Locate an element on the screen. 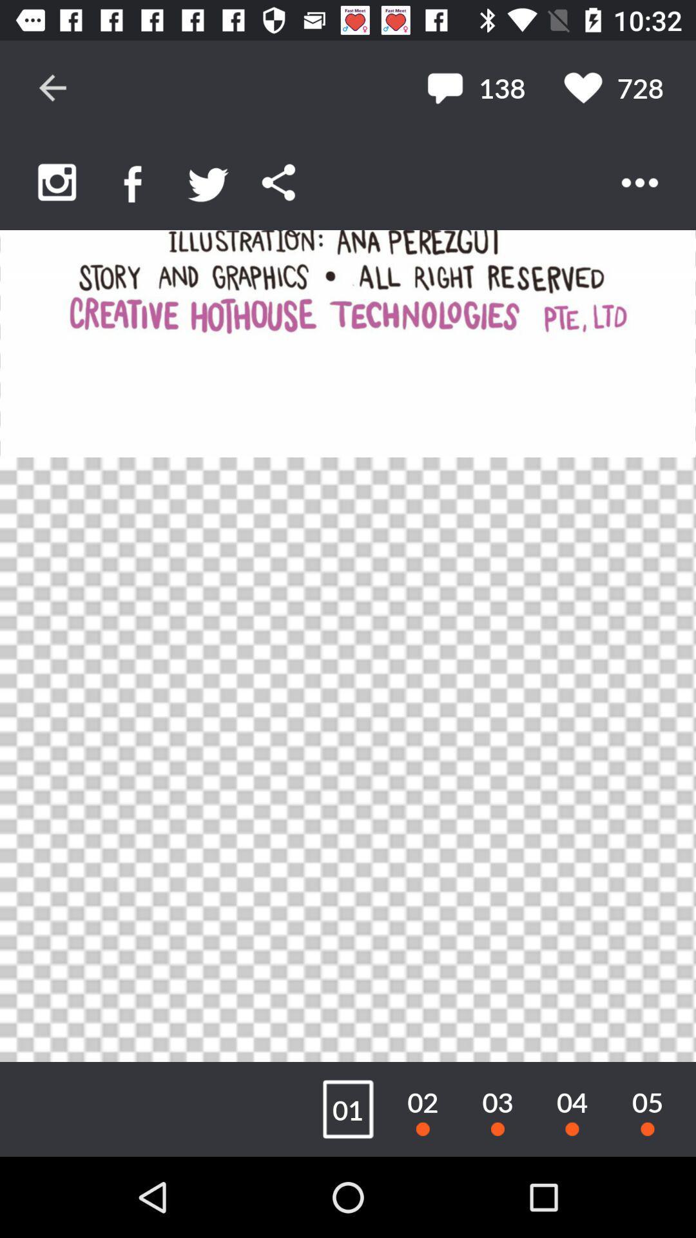  the facebook icon is located at coordinates (132, 182).